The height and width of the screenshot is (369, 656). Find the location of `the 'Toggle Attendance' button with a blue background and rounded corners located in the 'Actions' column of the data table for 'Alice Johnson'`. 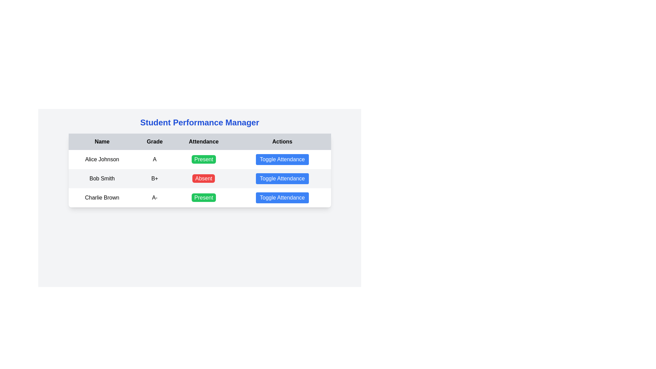

the 'Toggle Attendance' button with a blue background and rounded corners located in the 'Actions' column of the data table for 'Alice Johnson' is located at coordinates (282, 159).